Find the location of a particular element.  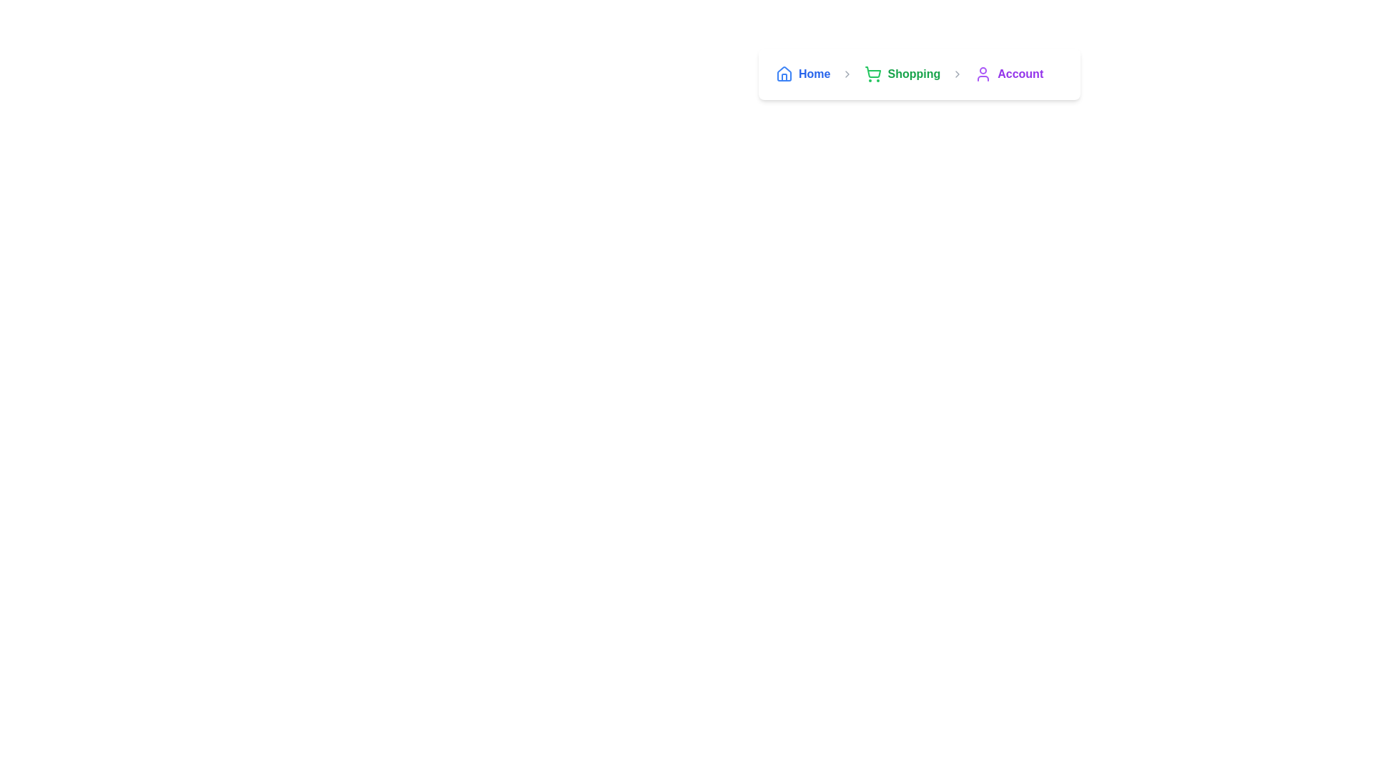

the hyperlink located in the upper-right area of the page, part of the breadcrumb navigation bar, positioned after the shopping cart icon and before the 'Account' link is located at coordinates (913, 74).